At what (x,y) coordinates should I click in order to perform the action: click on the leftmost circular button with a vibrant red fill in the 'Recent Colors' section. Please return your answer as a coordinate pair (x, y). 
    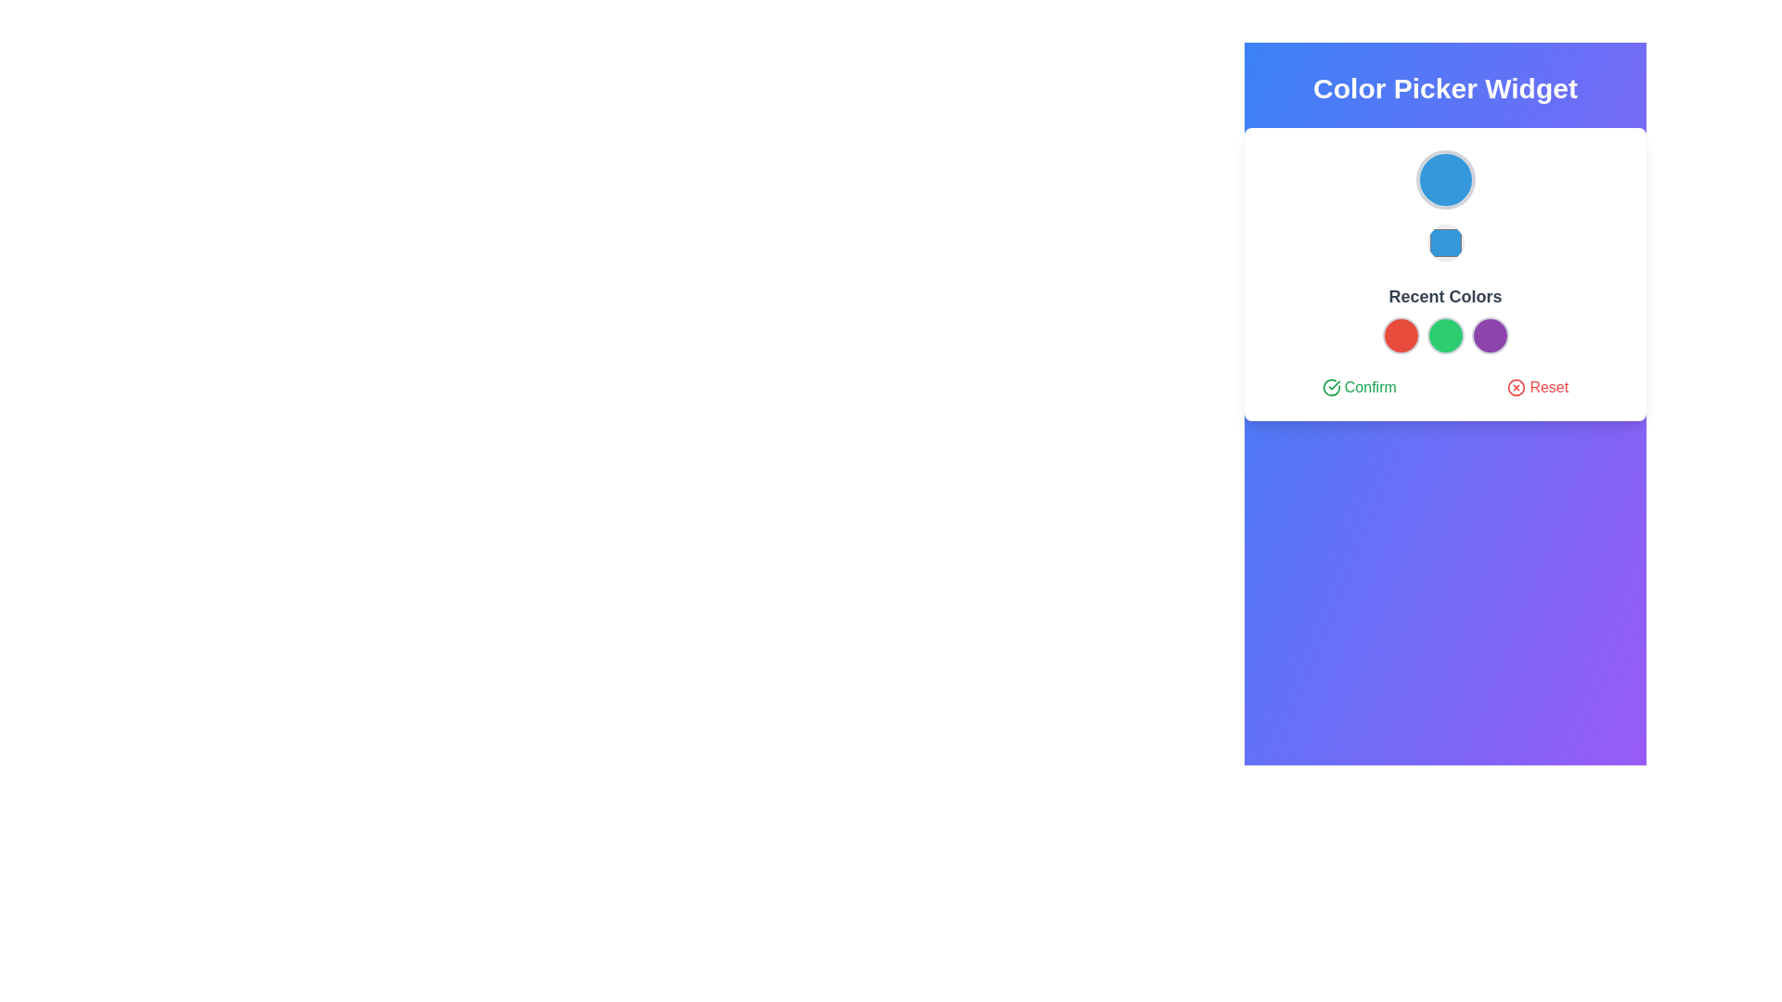
    Looking at the image, I should click on (1401, 336).